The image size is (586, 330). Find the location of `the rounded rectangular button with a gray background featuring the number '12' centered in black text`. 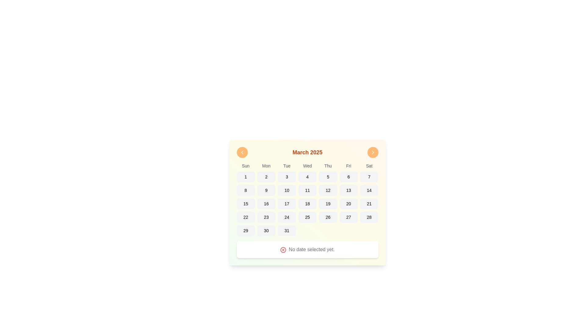

the rounded rectangular button with a gray background featuring the number '12' centered in black text is located at coordinates (328, 190).